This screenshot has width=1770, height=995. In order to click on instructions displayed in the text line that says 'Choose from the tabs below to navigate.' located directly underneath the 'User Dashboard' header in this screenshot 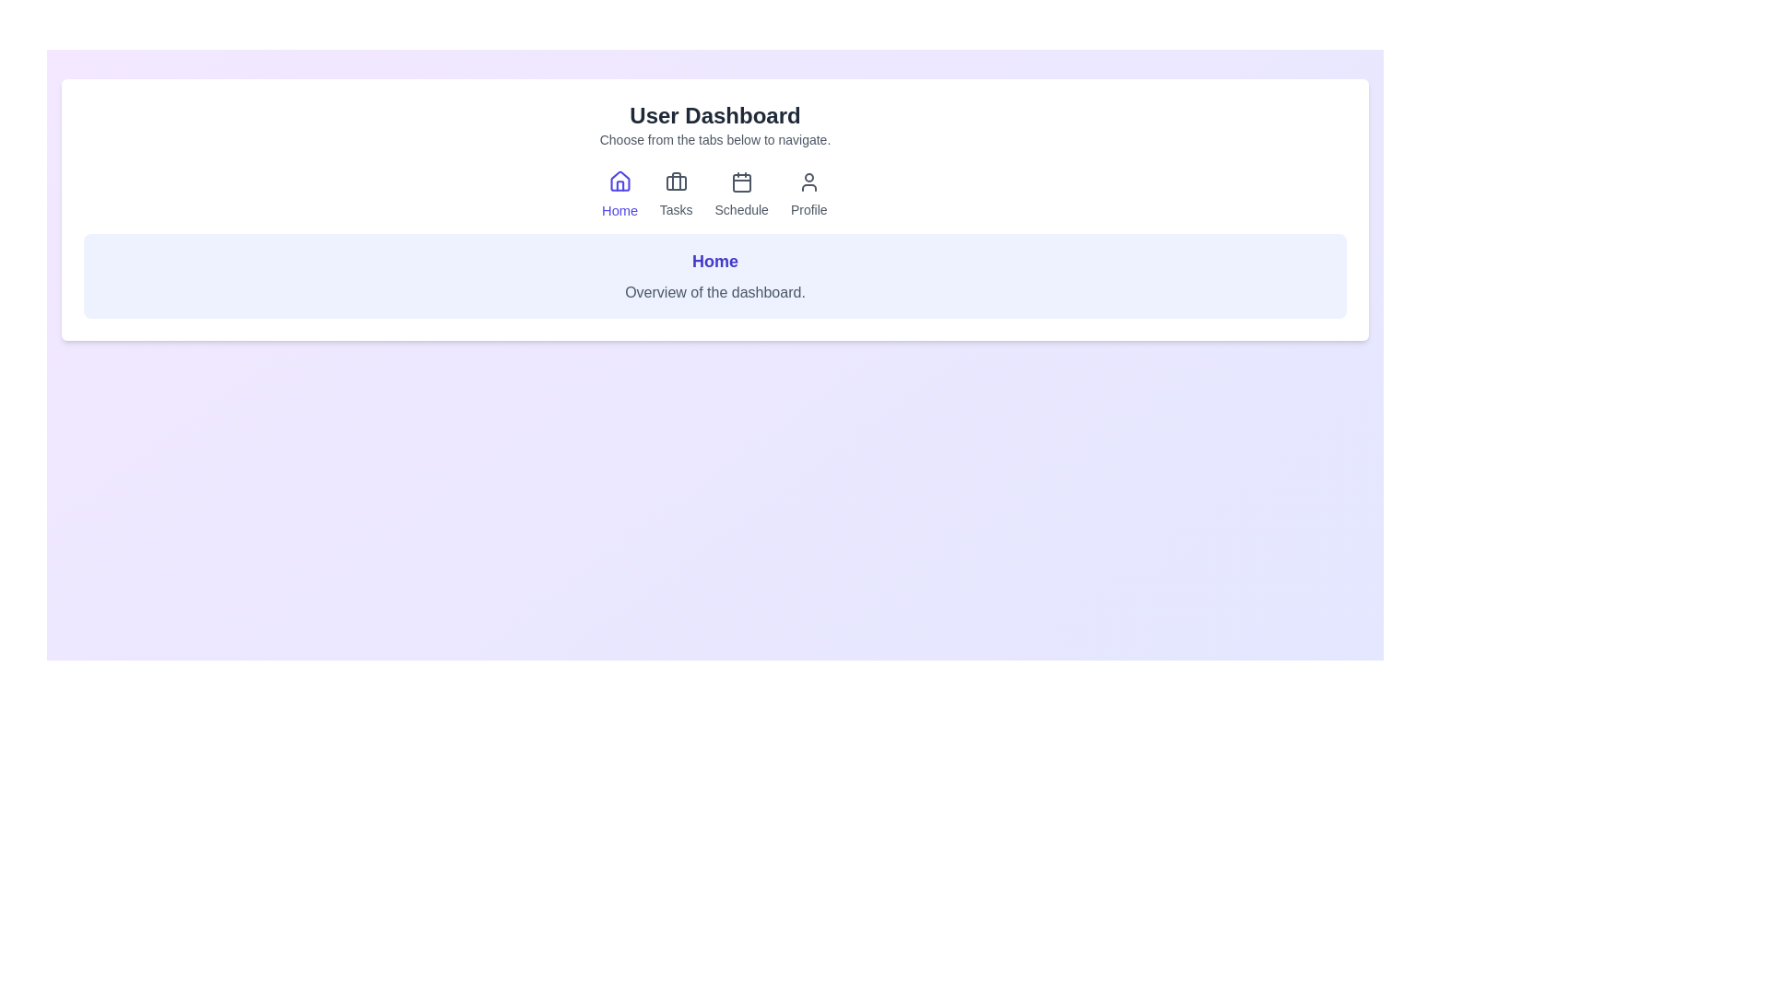, I will do `click(714, 138)`.